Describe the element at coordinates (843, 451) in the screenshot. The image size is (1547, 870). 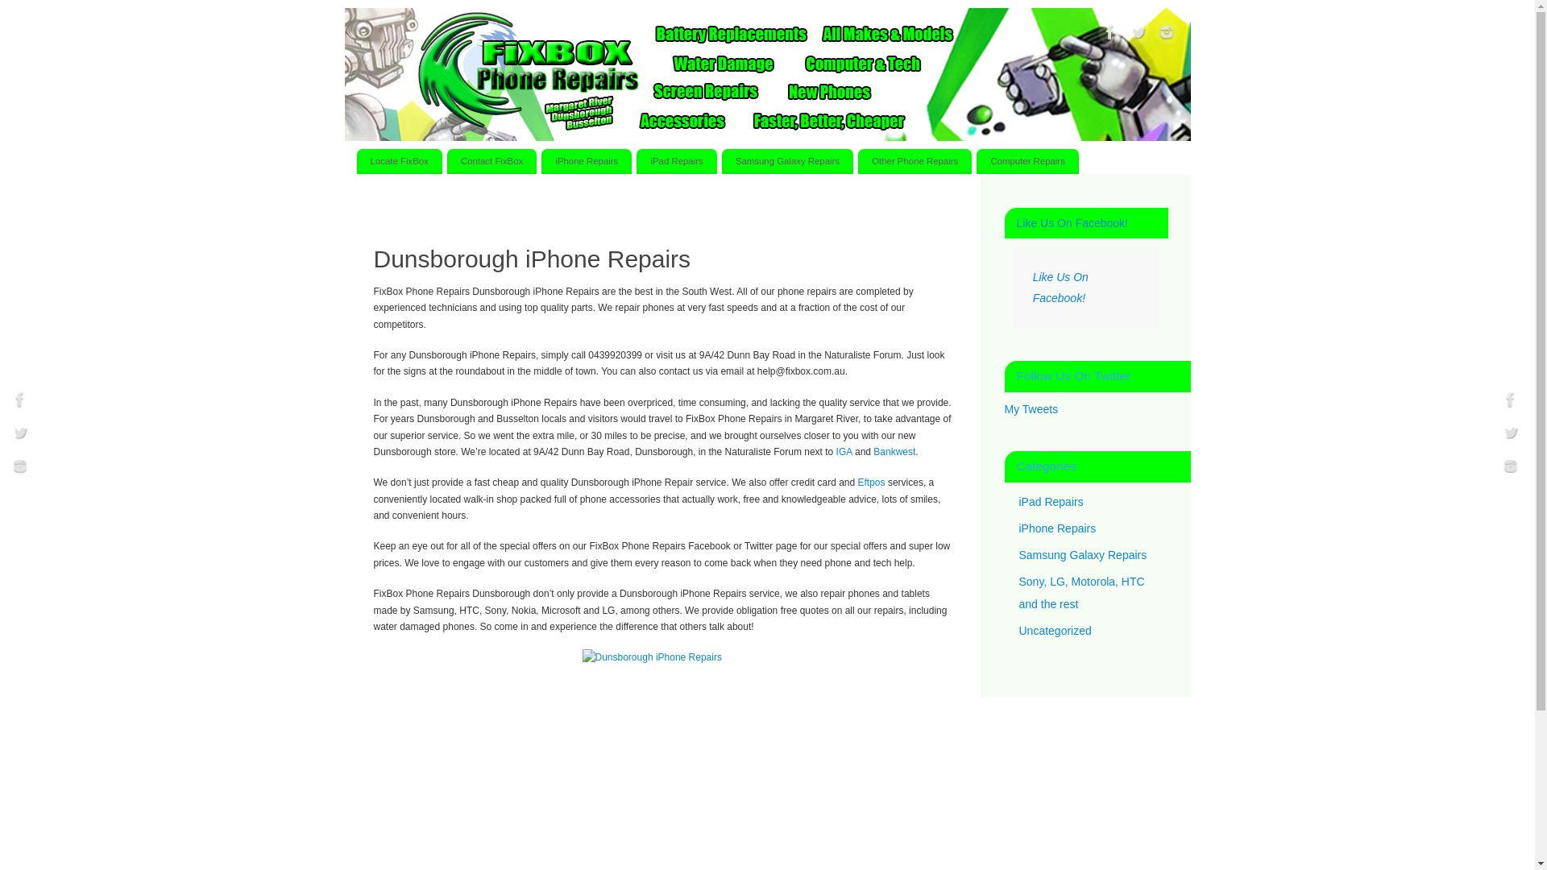
I see `'IGA'` at that location.